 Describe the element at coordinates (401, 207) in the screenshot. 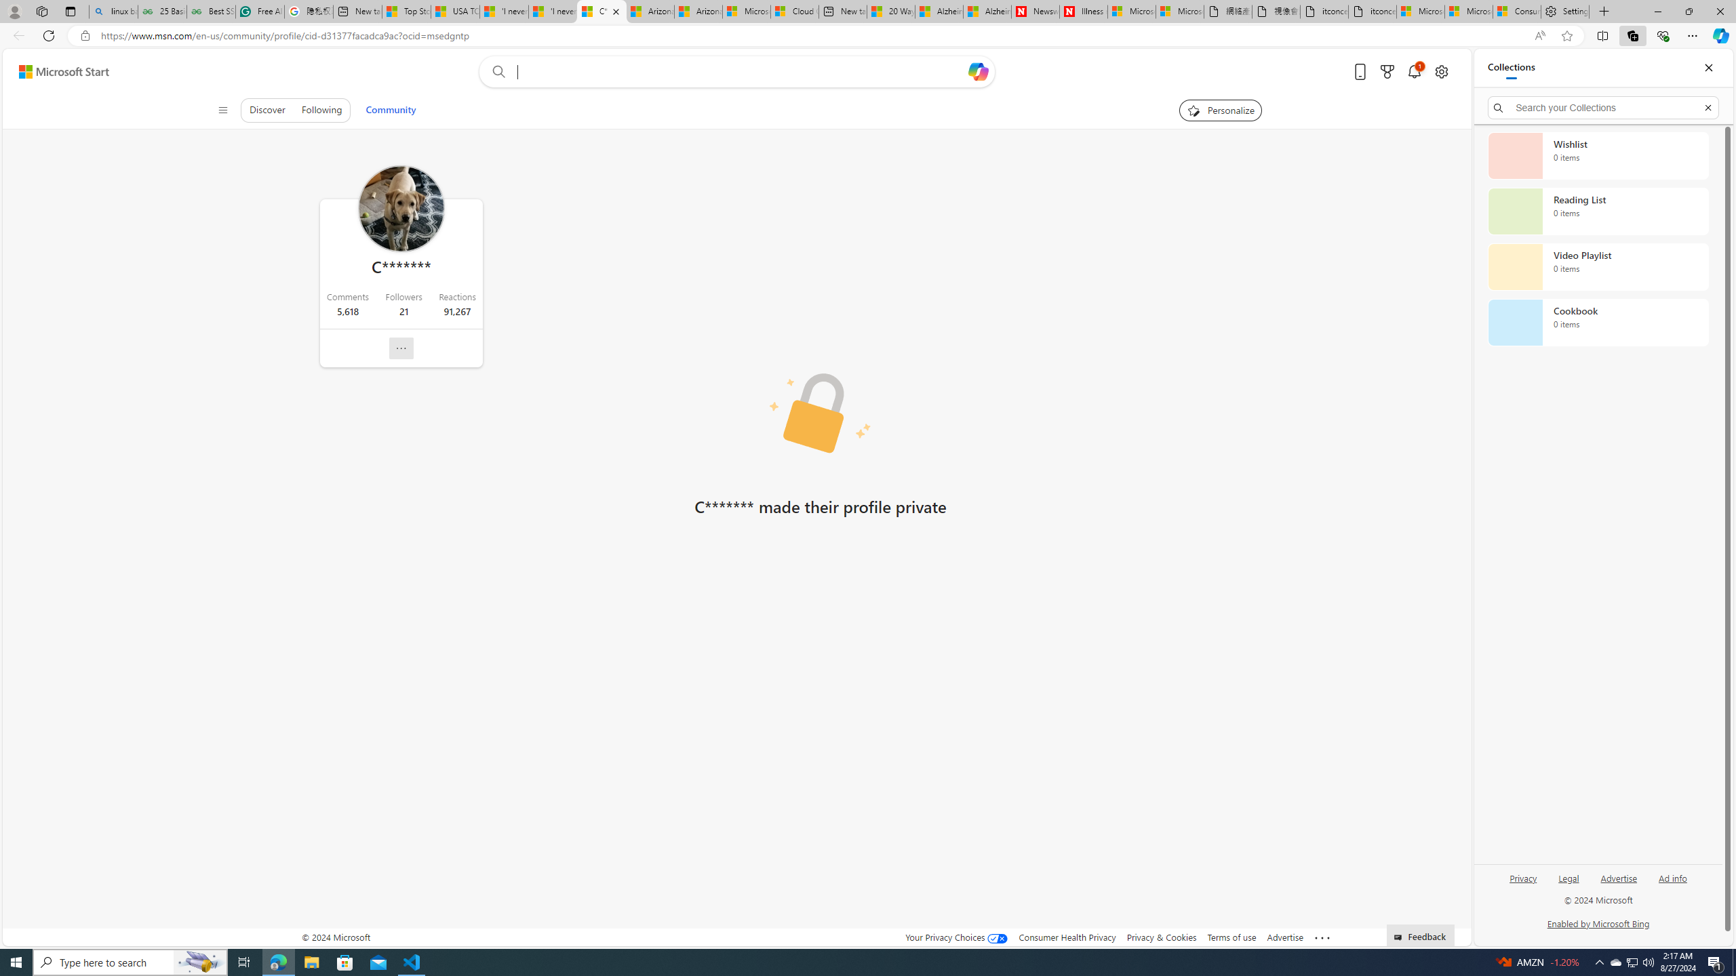

I see `'Profile Picture'` at that location.